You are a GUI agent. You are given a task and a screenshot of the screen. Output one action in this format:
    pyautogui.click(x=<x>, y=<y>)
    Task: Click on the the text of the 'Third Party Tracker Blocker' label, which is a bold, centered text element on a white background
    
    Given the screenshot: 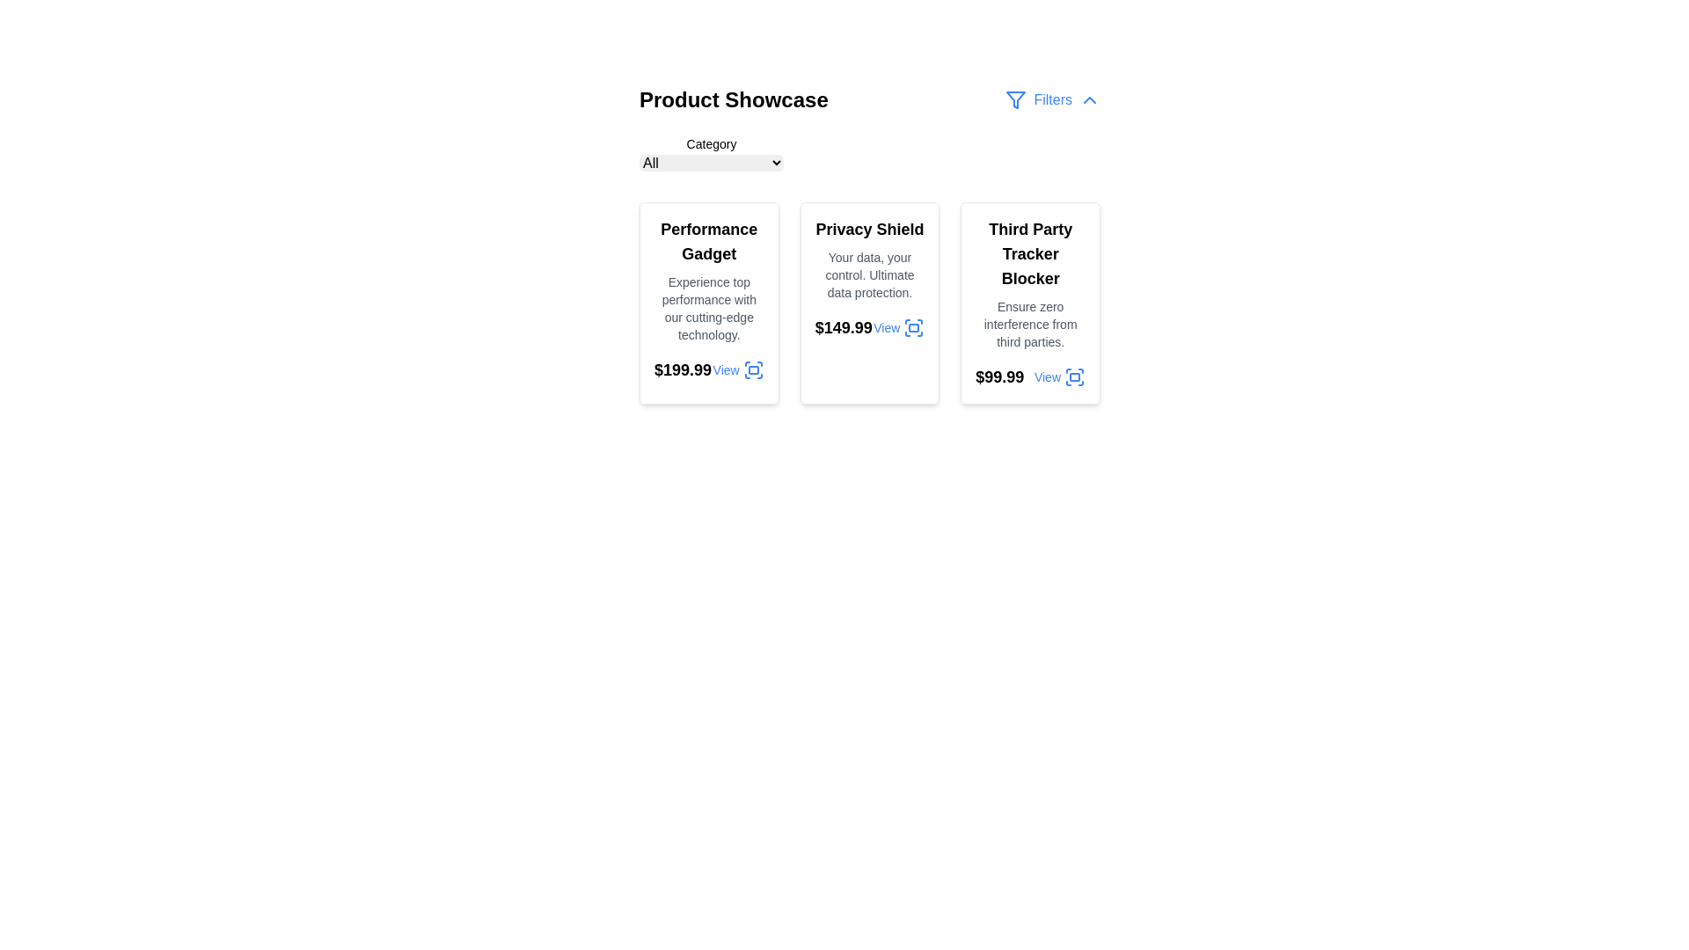 What is the action you would take?
    pyautogui.click(x=1030, y=254)
    